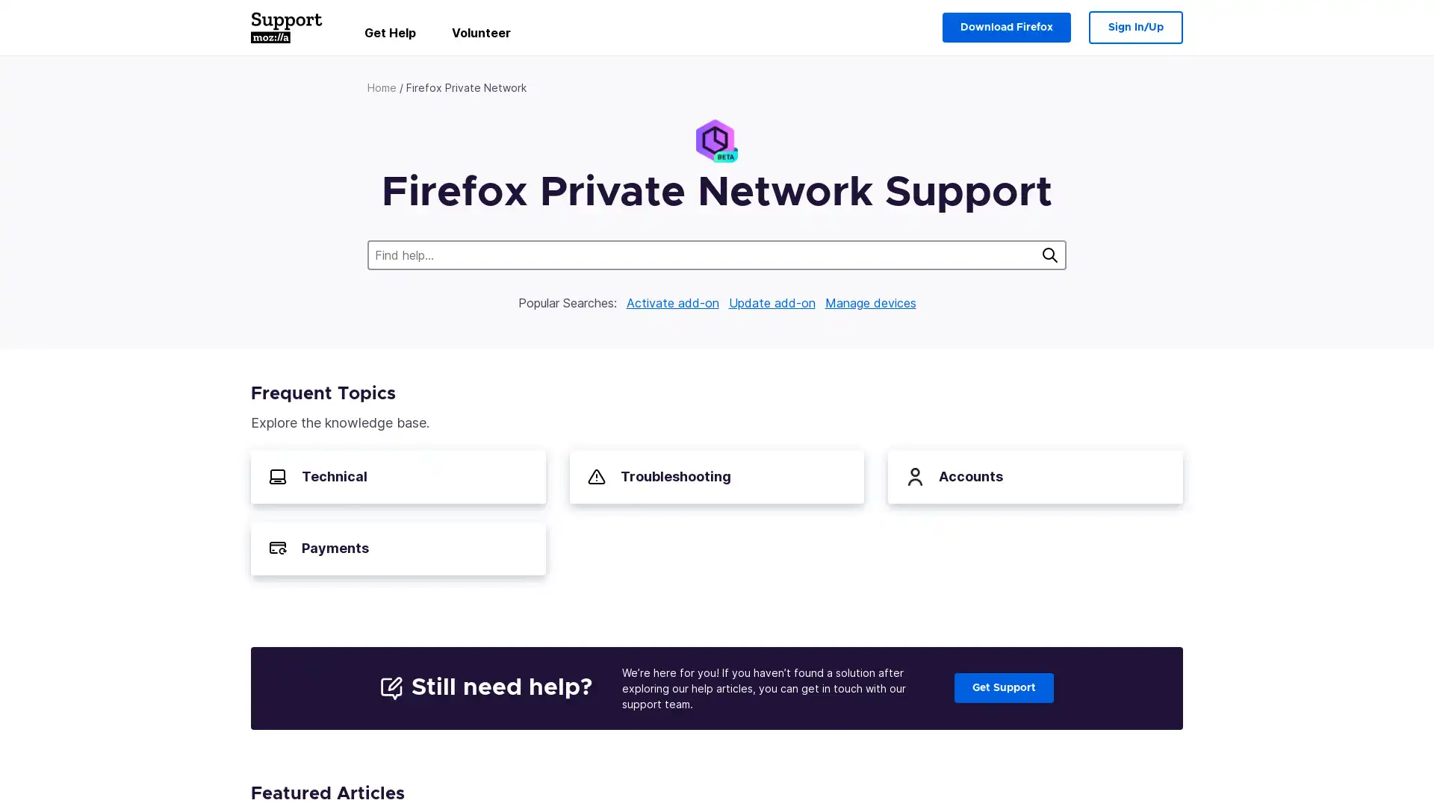  What do you see at coordinates (1049, 254) in the screenshot?
I see `Search` at bounding box center [1049, 254].